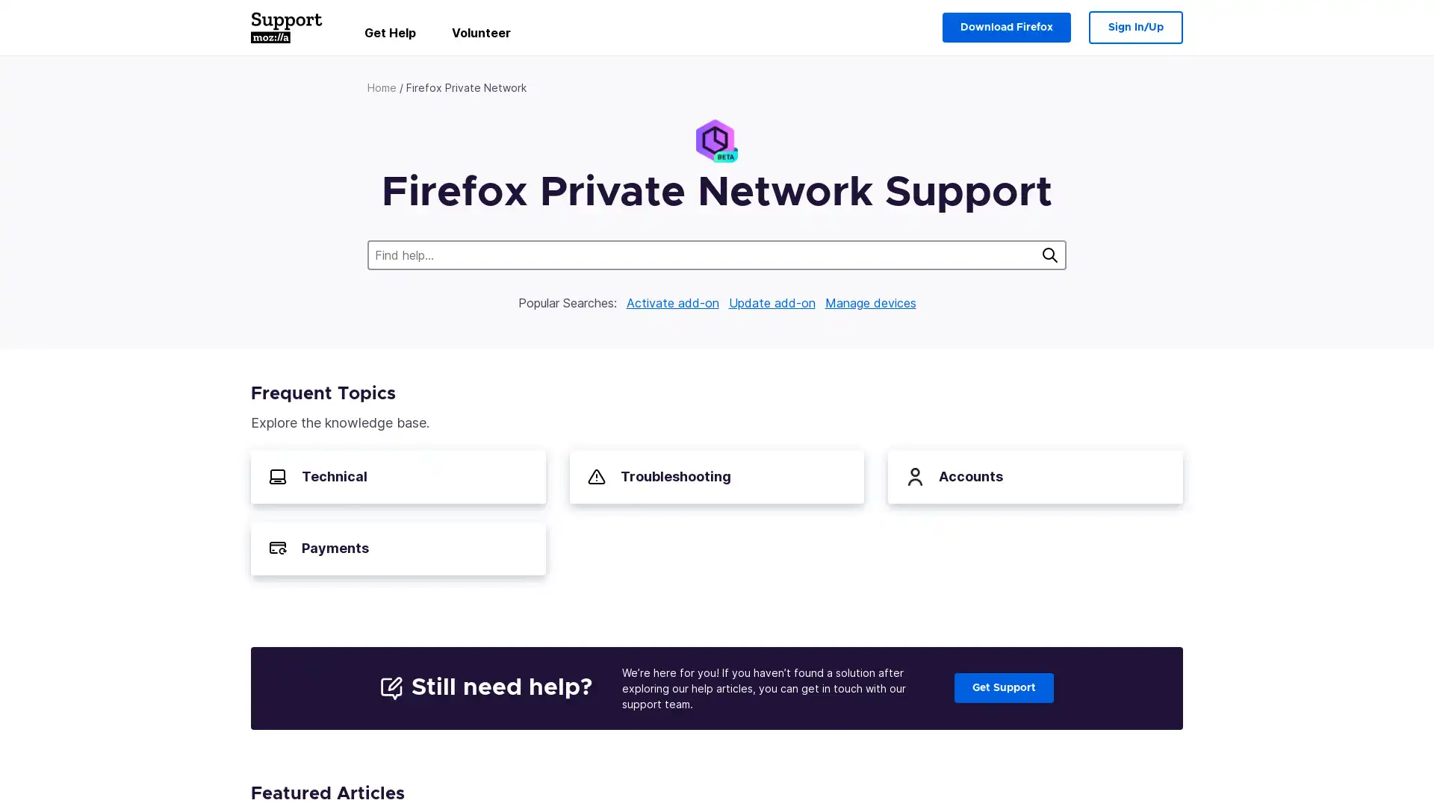  What do you see at coordinates (1049, 254) in the screenshot?
I see `Search` at bounding box center [1049, 254].